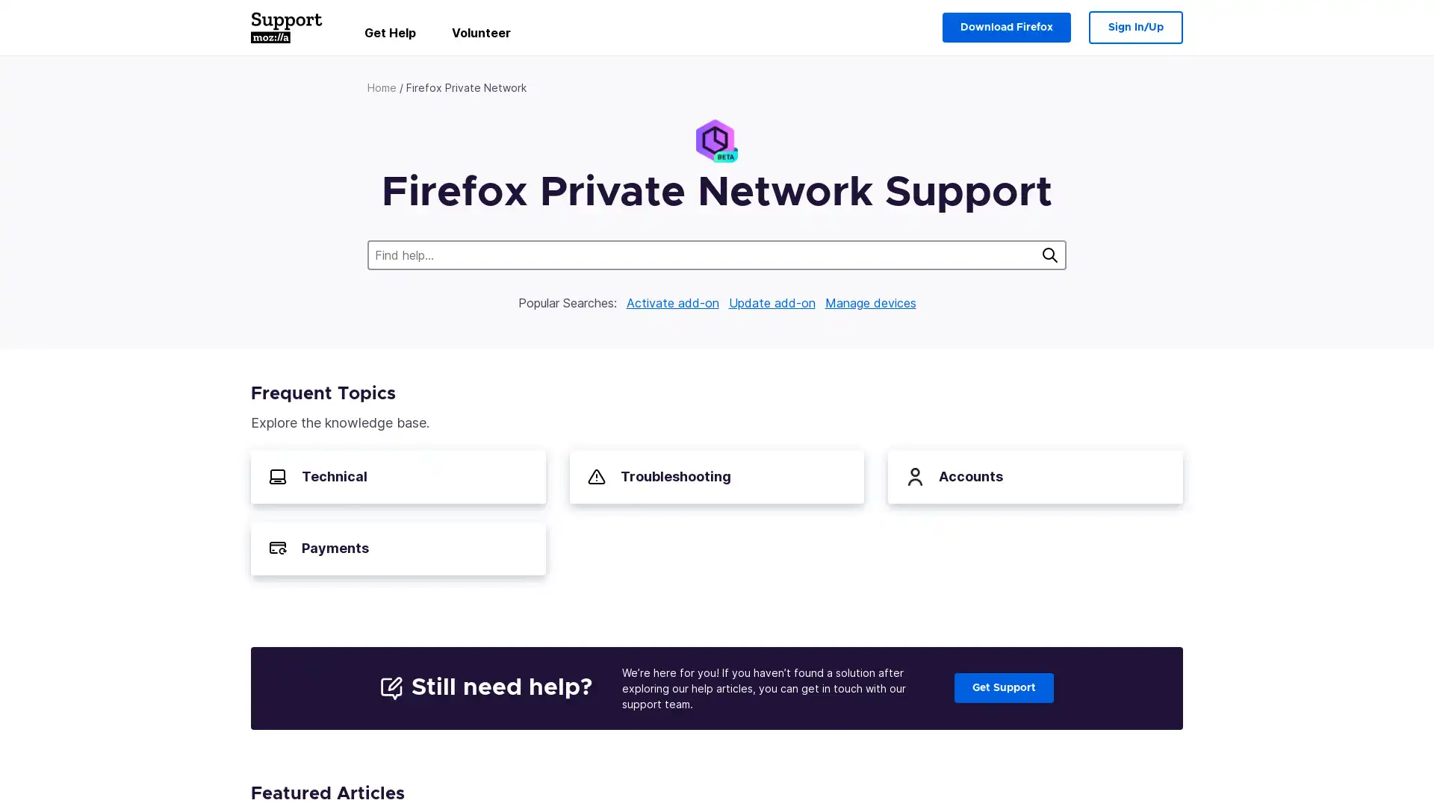  What do you see at coordinates (1049, 254) in the screenshot?
I see `Search` at bounding box center [1049, 254].